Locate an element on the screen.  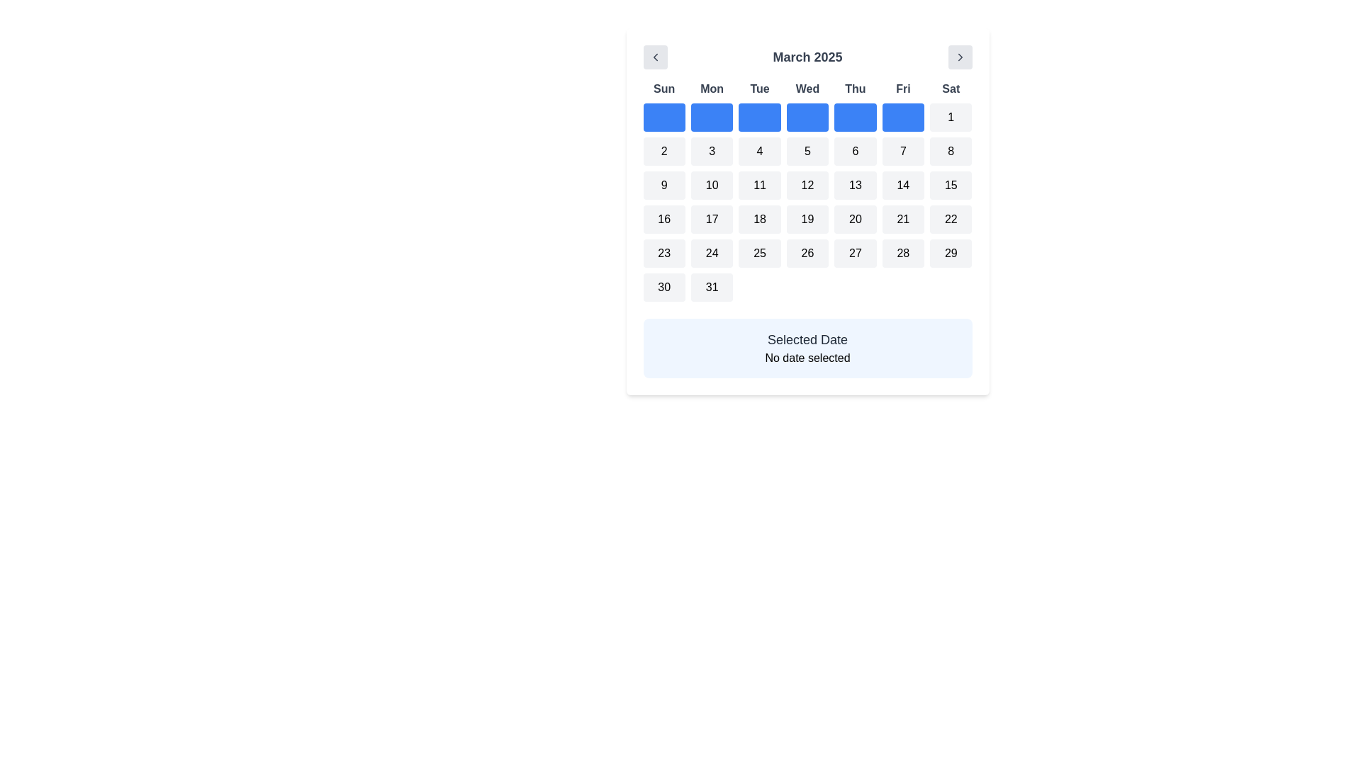
the button in the third column of the second row of the calendar grid is located at coordinates (759, 151).